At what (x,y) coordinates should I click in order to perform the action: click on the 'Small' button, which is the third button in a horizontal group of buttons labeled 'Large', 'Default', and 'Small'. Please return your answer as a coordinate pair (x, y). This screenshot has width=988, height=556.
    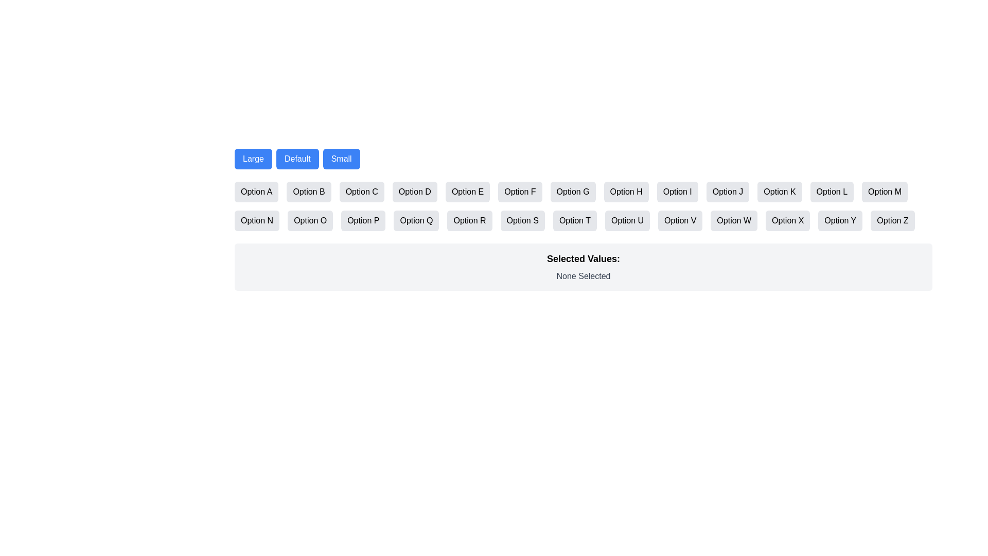
    Looking at the image, I should click on (341, 159).